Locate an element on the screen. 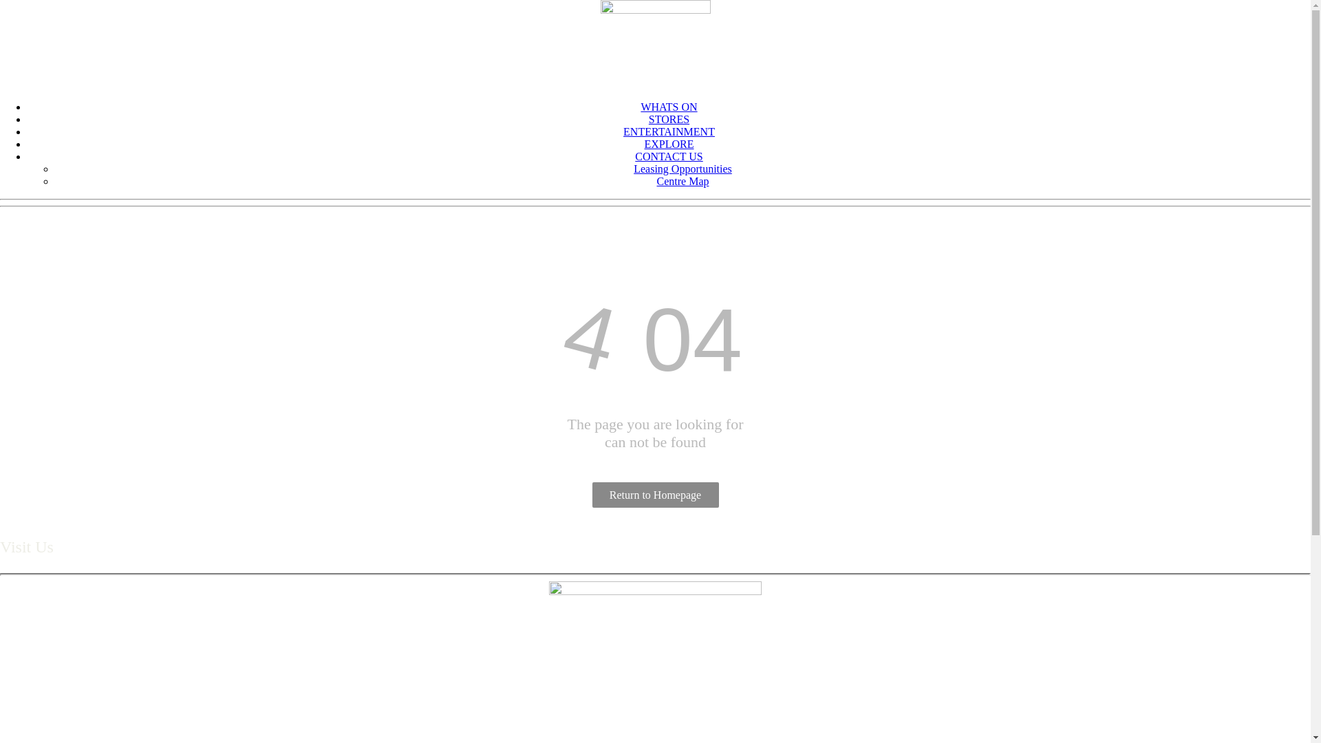 The image size is (1321, 743). 'Leasing Opportunities' is located at coordinates (683, 168).